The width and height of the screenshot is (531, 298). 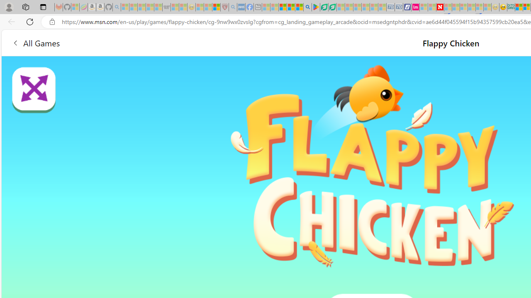 I want to click on 'Jobs - lastminute.com Investor Portal', so click(x=415, y=7).